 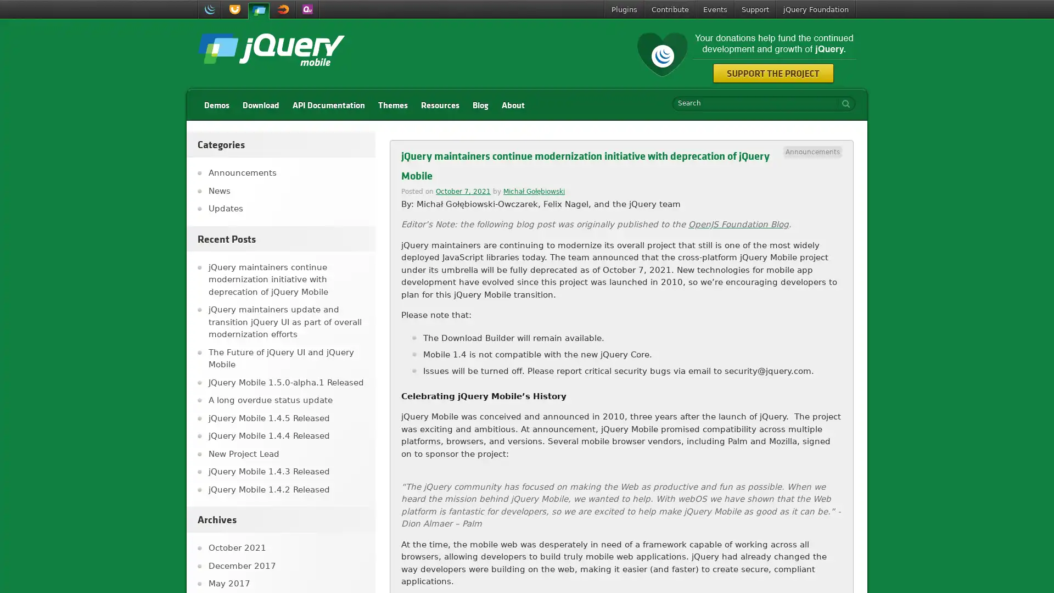 What do you see at coordinates (843, 103) in the screenshot?
I see `search` at bounding box center [843, 103].